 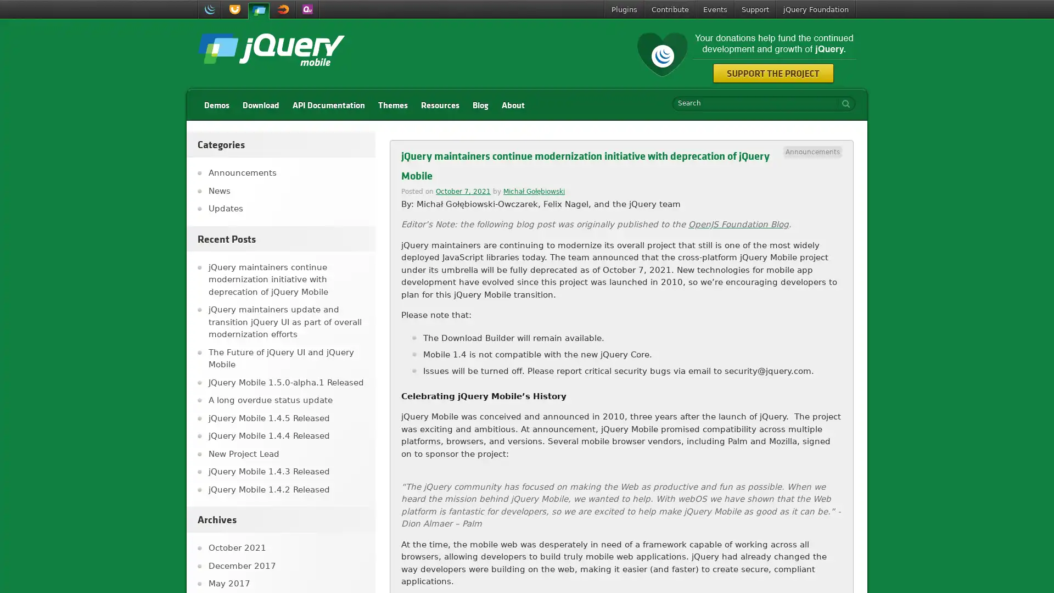 What do you see at coordinates (843, 103) in the screenshot?
I see `search` at bounding box center [843, 103].